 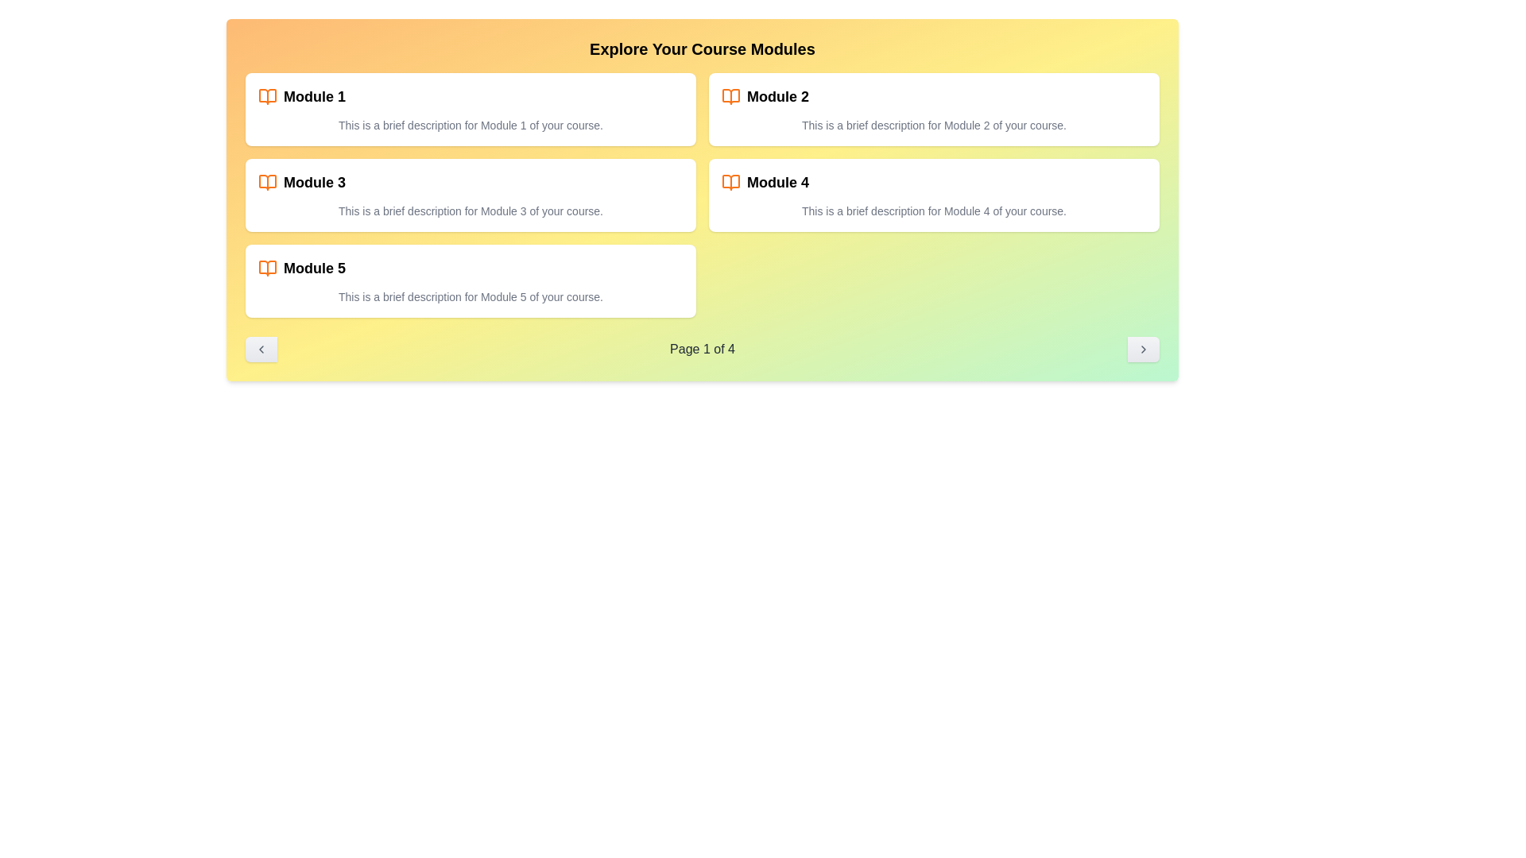 What do you see at coordinates (934, 109) in the screenshot?
I see `the 'Module 2' card, which is a rectangular module with a white background and rounded corners, located in the top-right corner of the grid layout` at bounding box center [934, 109].